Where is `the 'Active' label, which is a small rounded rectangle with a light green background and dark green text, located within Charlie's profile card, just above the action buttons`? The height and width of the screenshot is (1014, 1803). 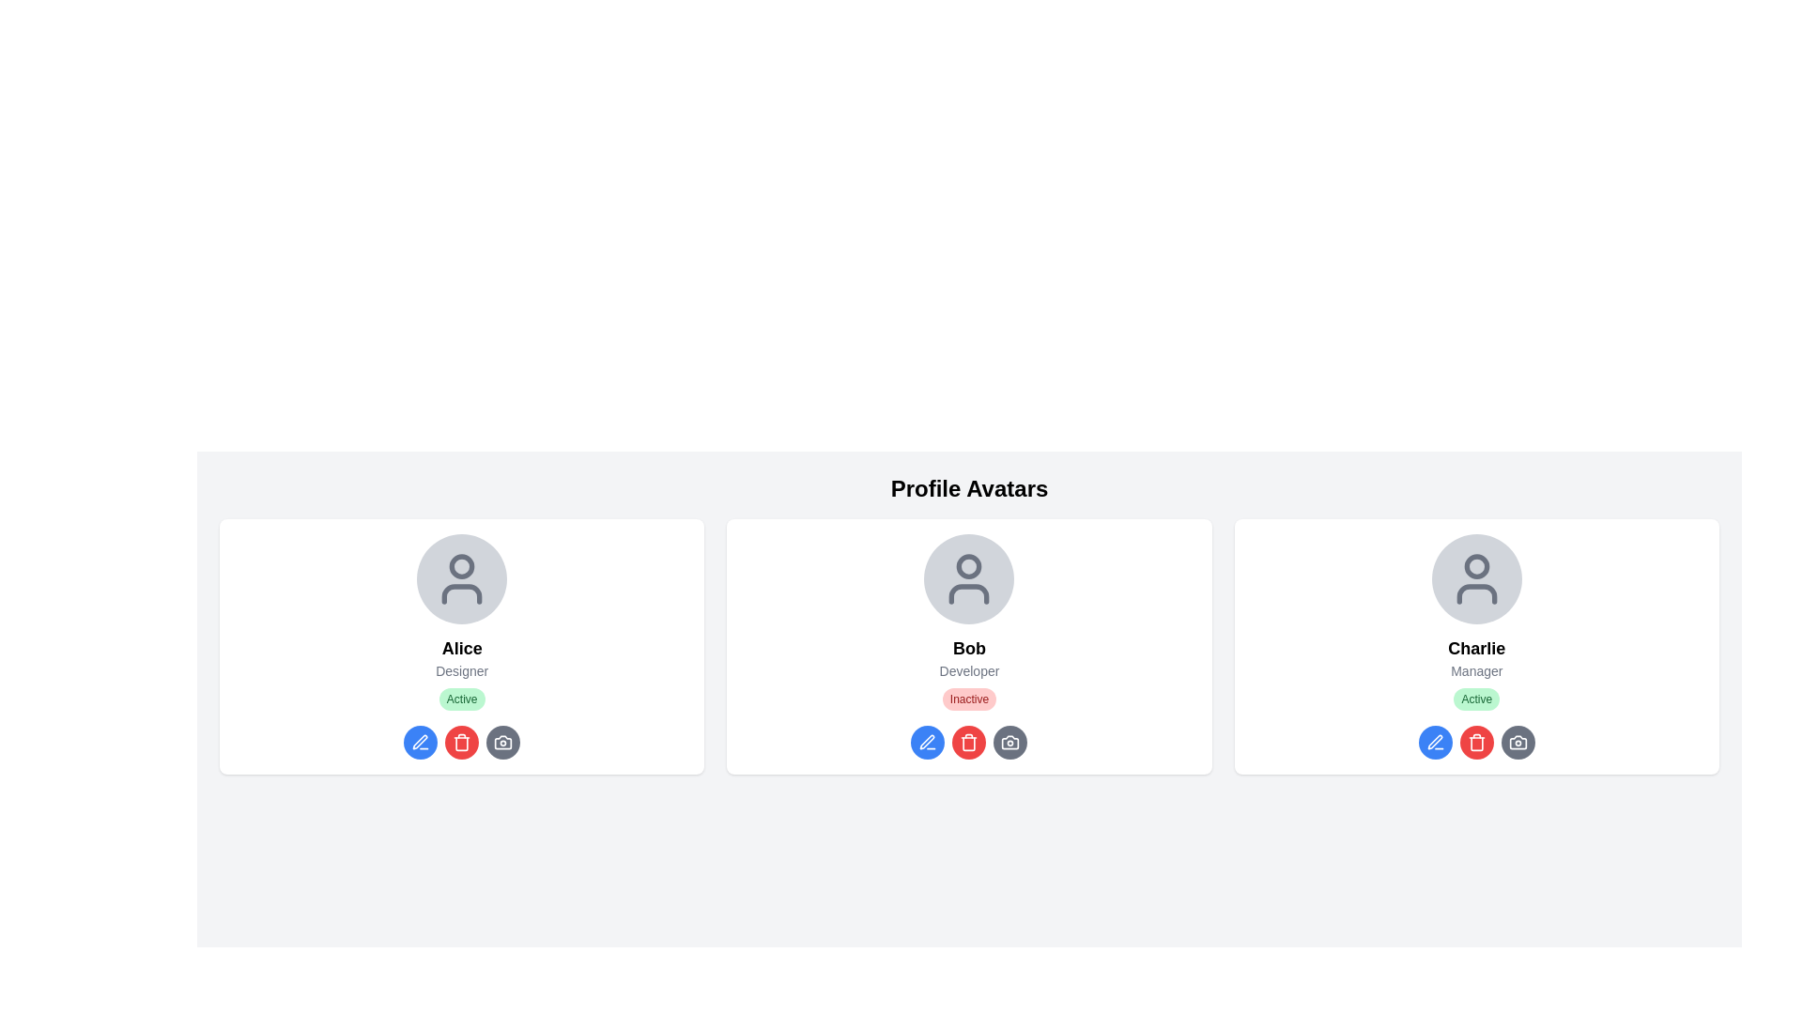 the 'Active' label, which is a small rounded rectangle with a light green background and dark green text, located within Charlie's profile card, just above the action buttons is located at coordinates (1475, 699).